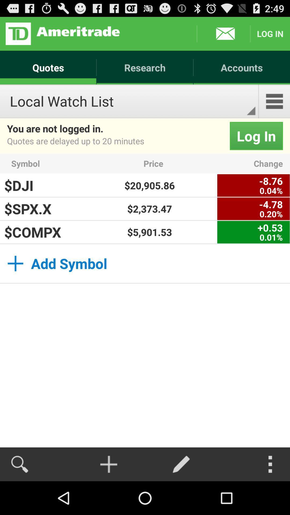 The height and width of the screenshot is (515, 290). What do you see at coordinates (223, 33) in the screenshot?
I see `open mail` at bounding box center [223, 33].